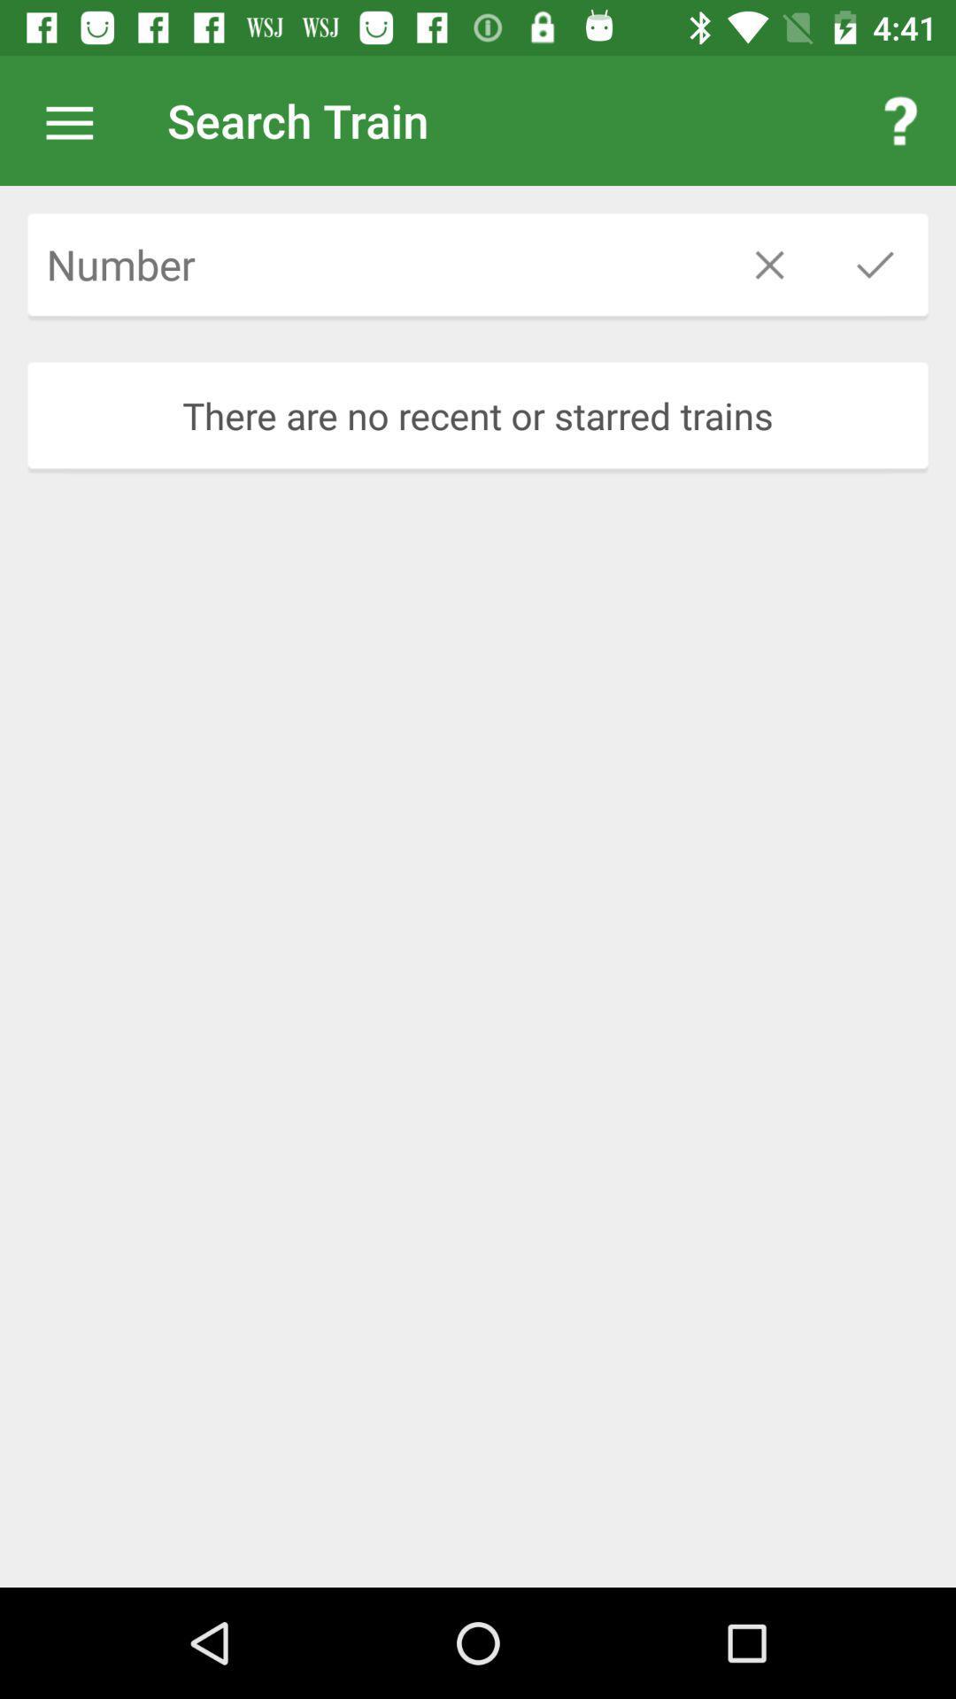  I want to click on item next to search train, so click(78, 119).